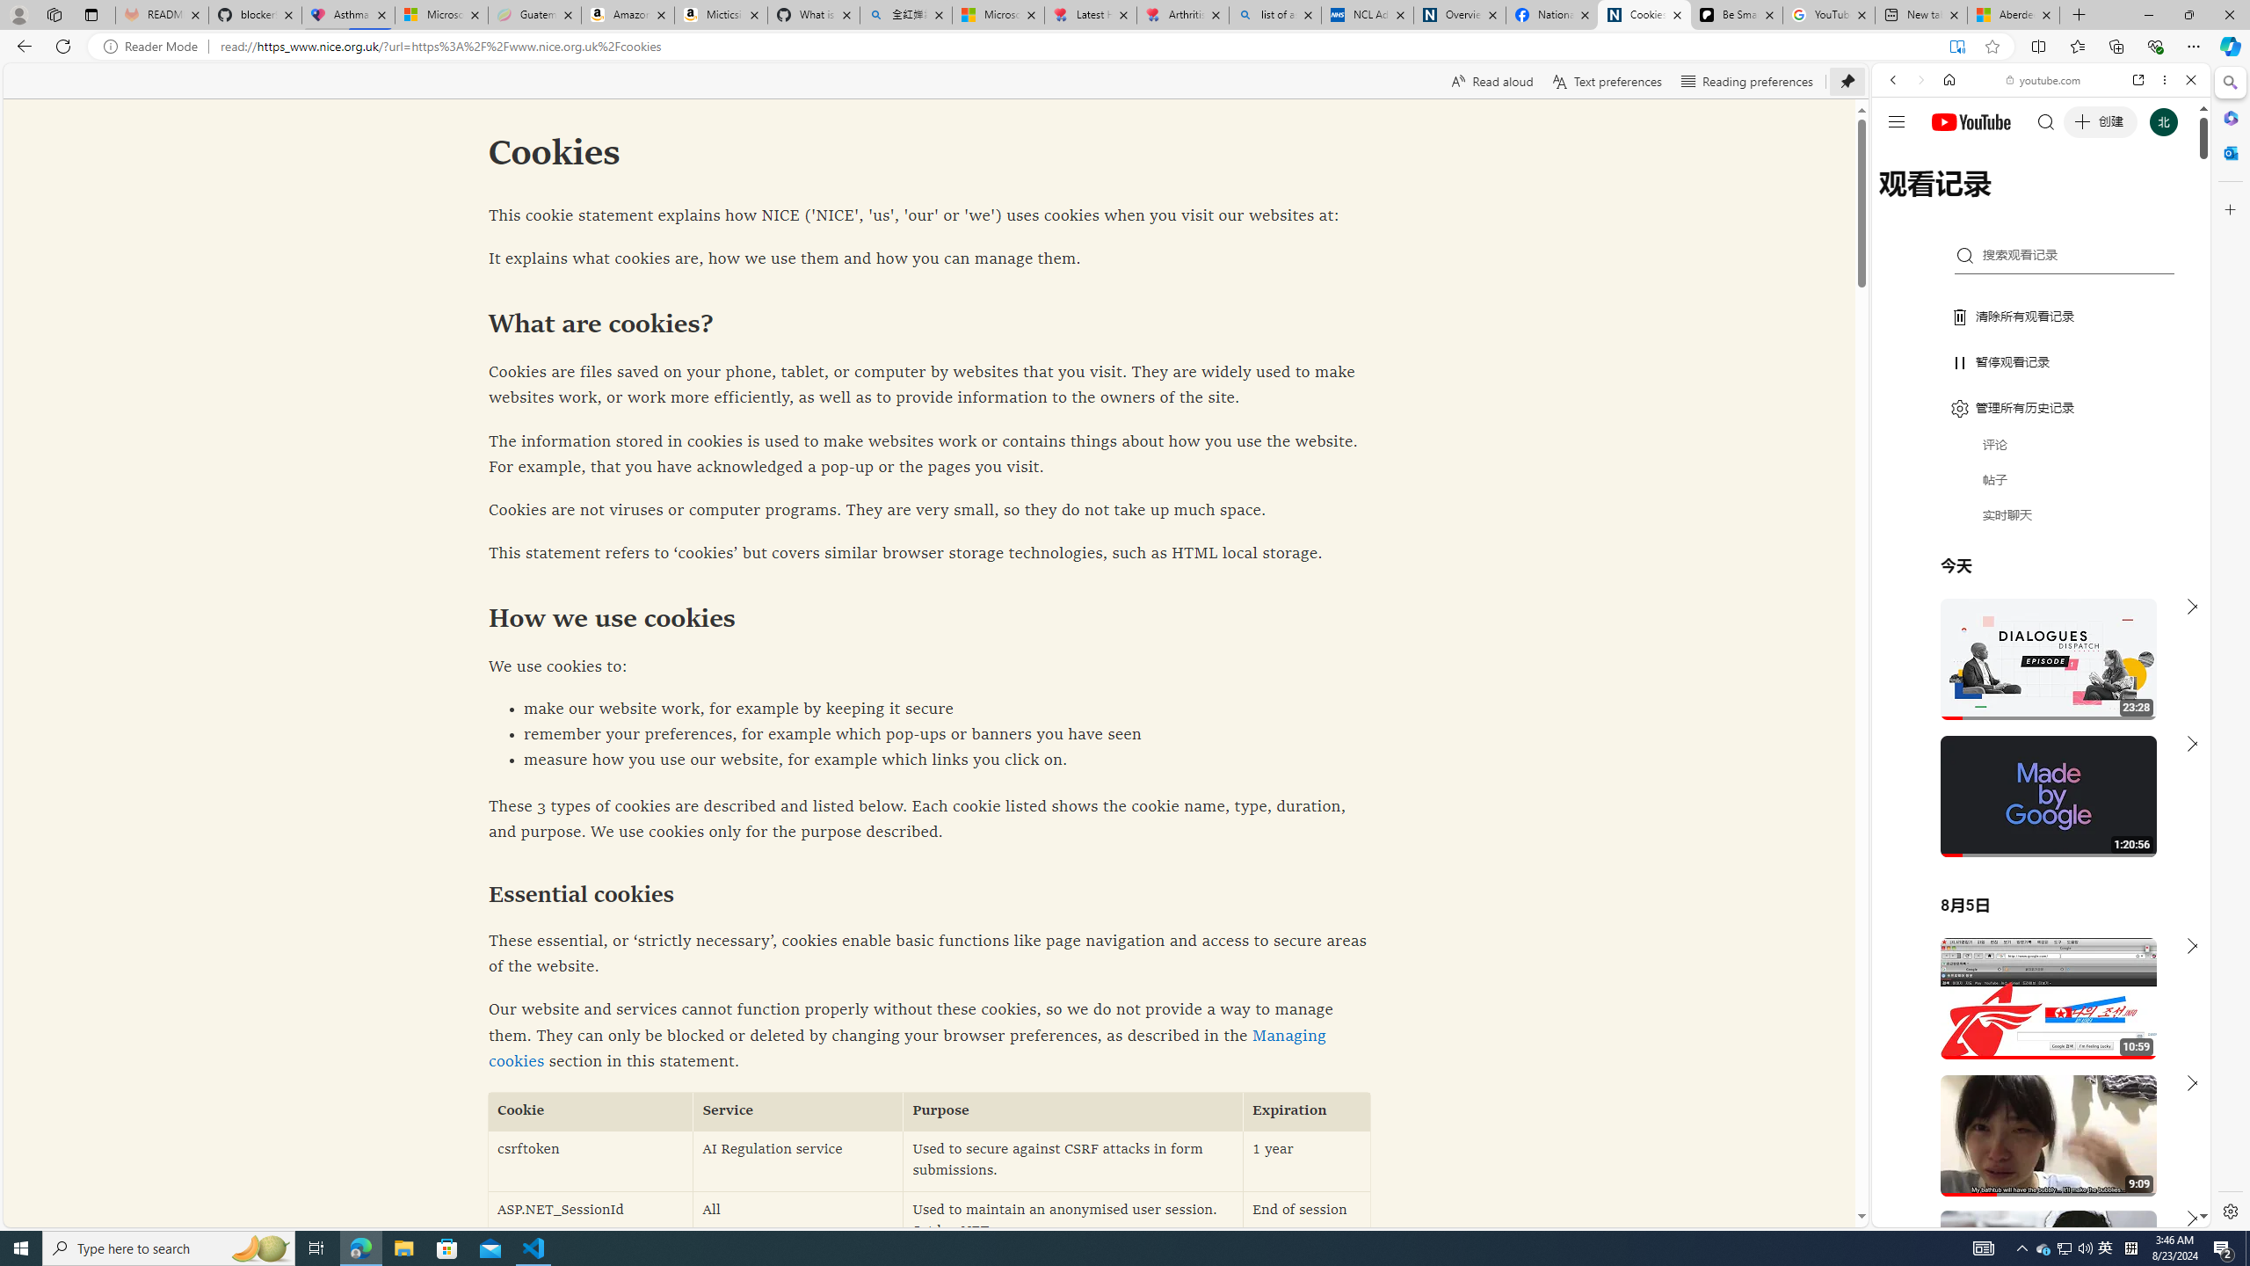 The image size is (2250, 1266). I want to click on 'Purpose', so click(1072, 1110).